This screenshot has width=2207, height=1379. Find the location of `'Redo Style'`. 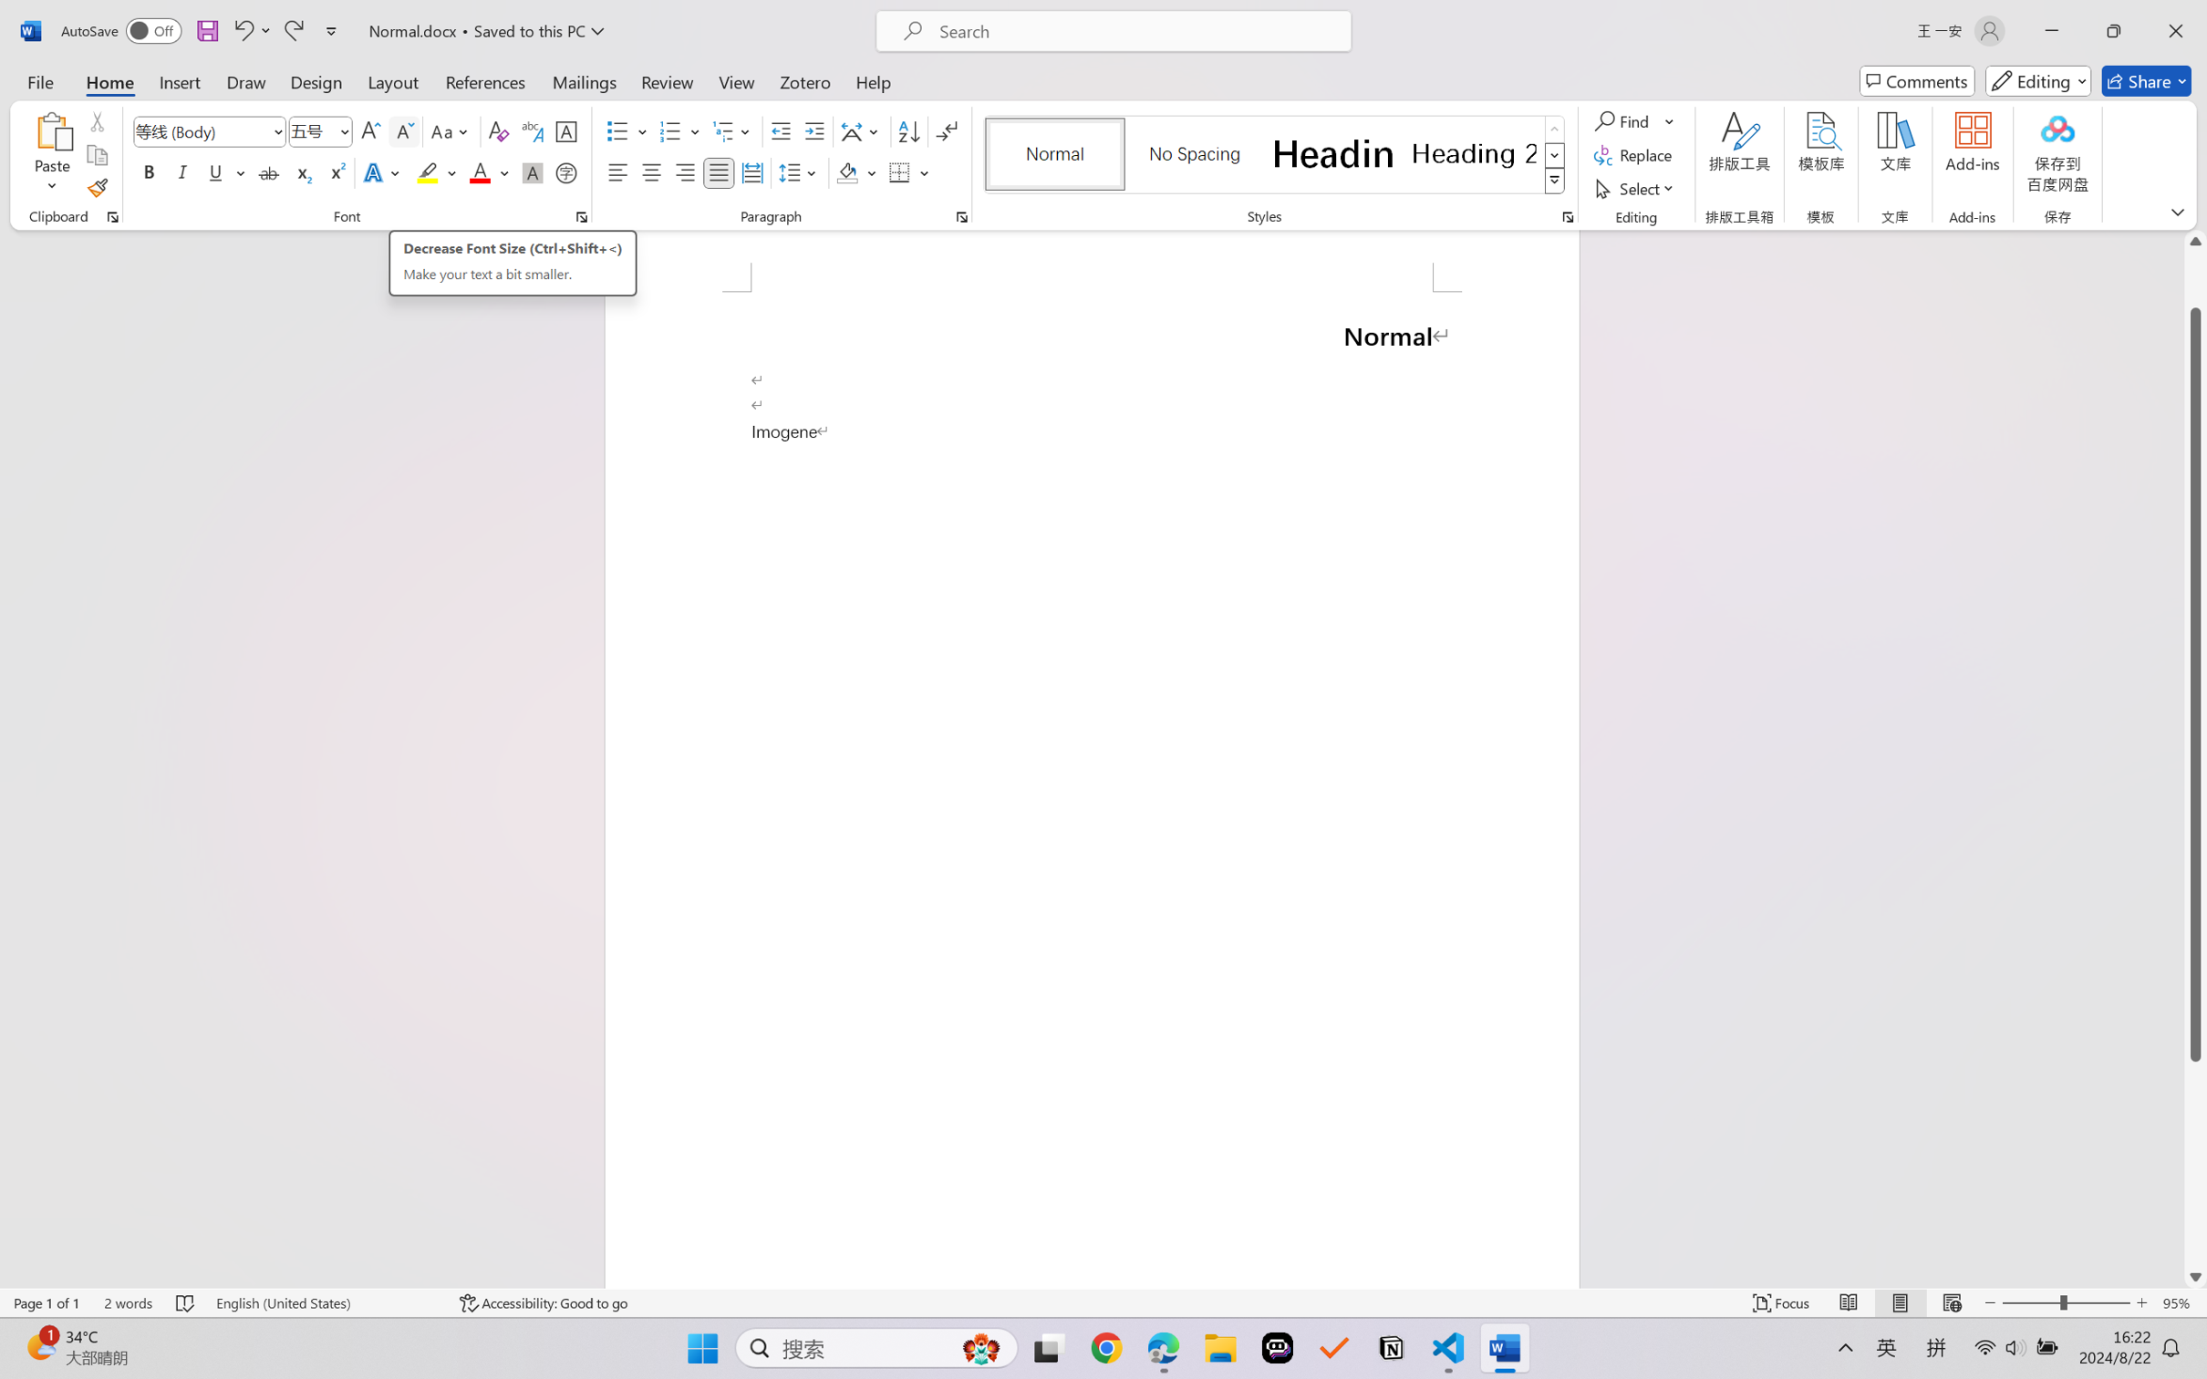

'Redo Style' is located at coordinates (292, 30).